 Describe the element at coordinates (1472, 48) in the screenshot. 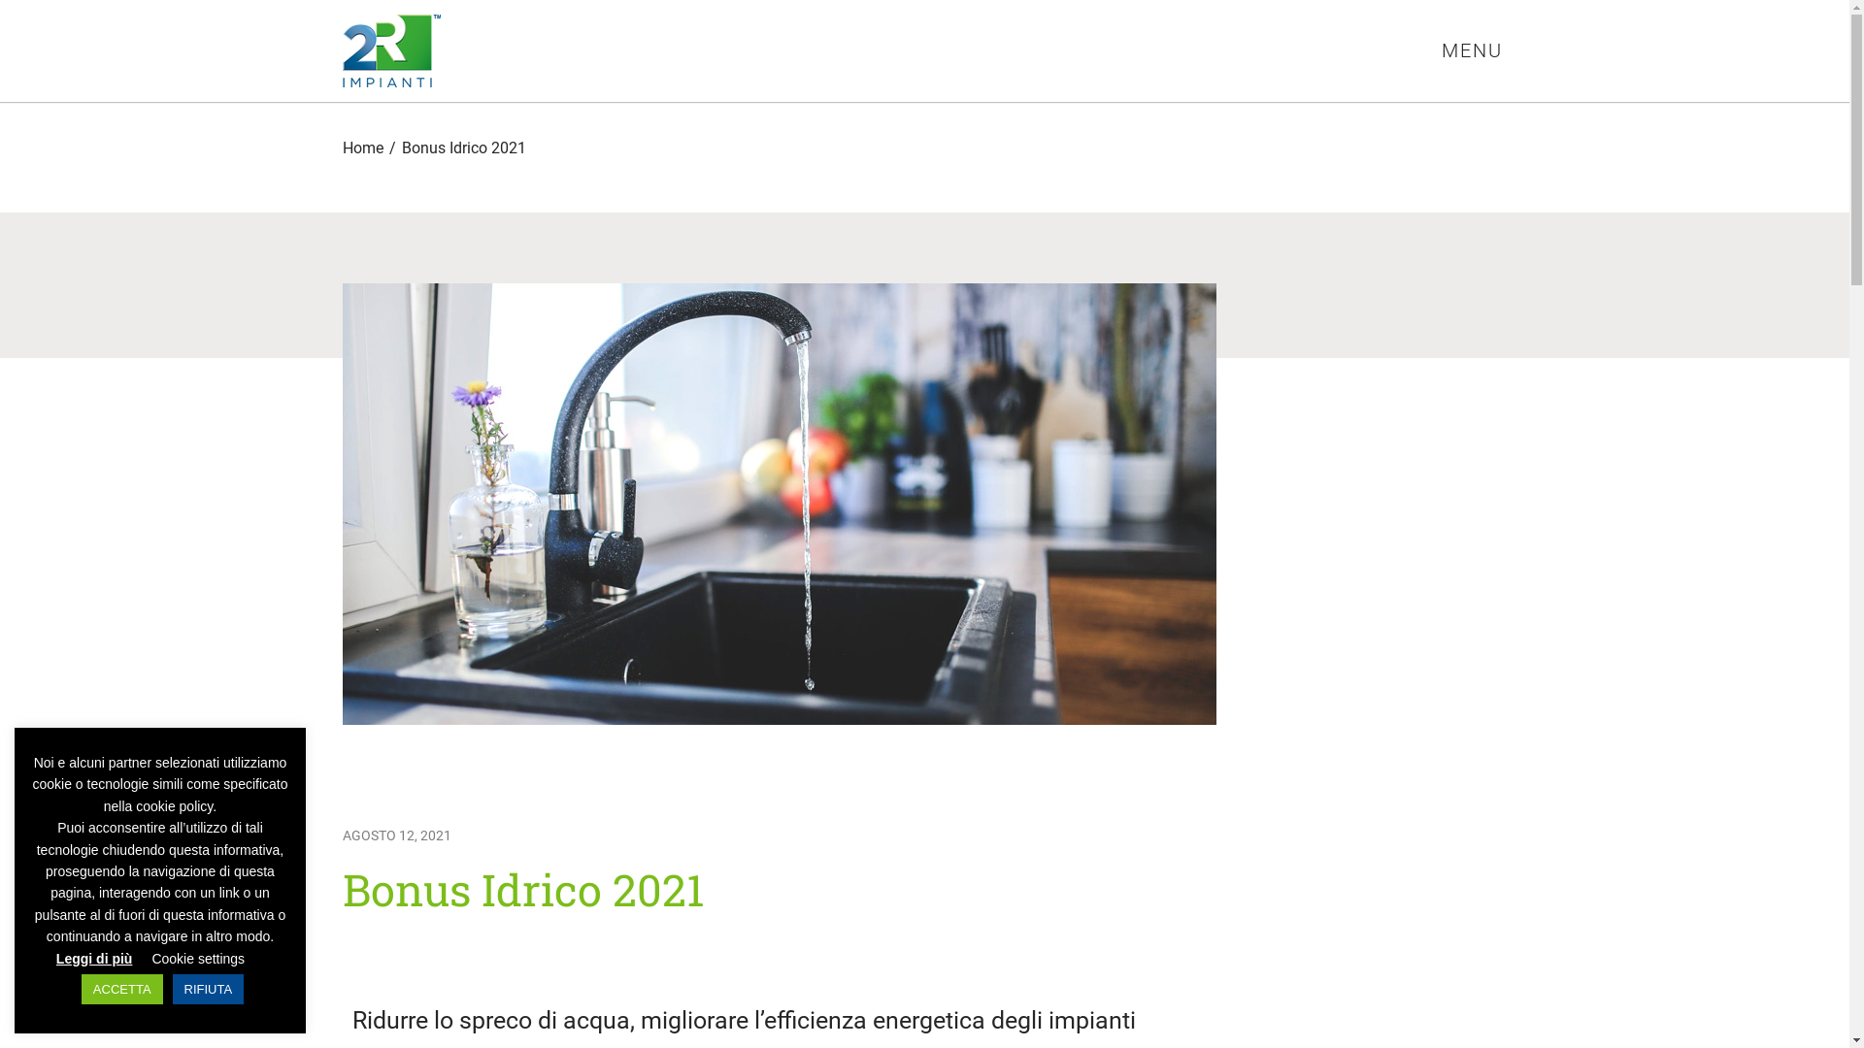

I see `'MENU'` at that location.